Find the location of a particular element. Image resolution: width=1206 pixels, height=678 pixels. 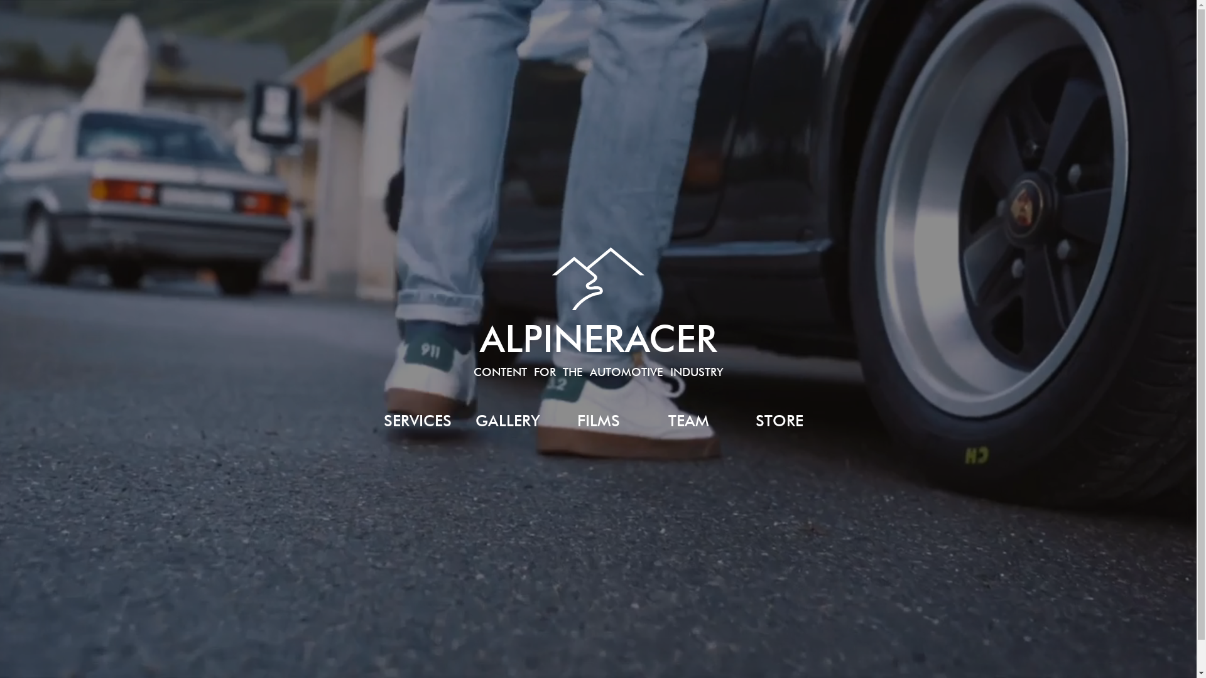

'SERVICES' is located at coordinates (416, 421).